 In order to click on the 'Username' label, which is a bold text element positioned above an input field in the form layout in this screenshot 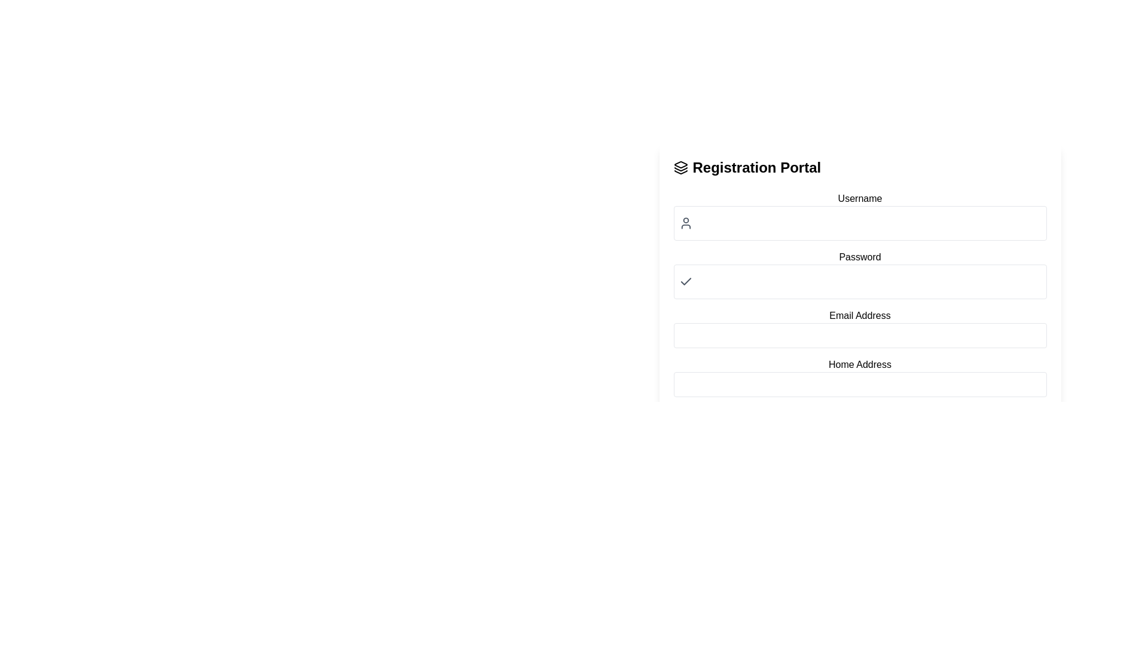, I will do `click(859, 198)`.